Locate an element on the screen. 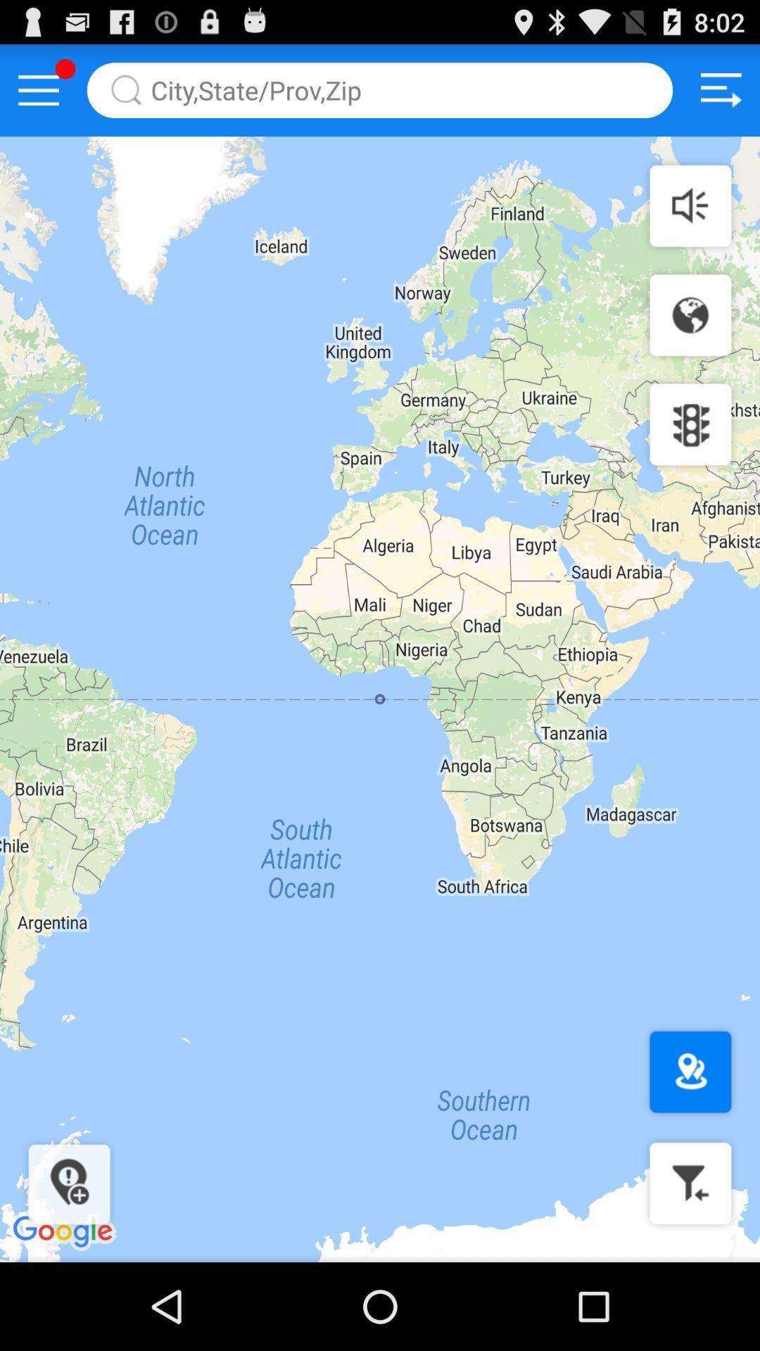 This screenshot has height=1351, width=760. sound control is located at coordinates (690, 205).